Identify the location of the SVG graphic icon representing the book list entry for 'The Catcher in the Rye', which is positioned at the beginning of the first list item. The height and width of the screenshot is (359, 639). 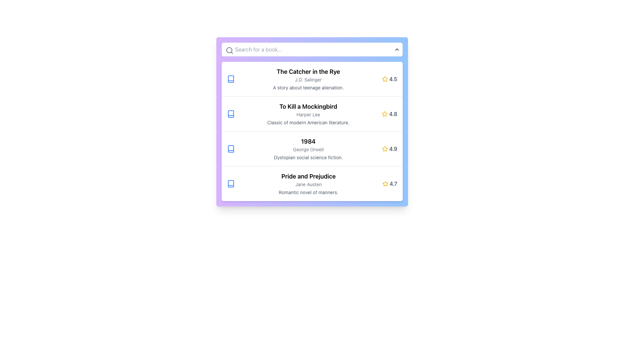
(231, 79).